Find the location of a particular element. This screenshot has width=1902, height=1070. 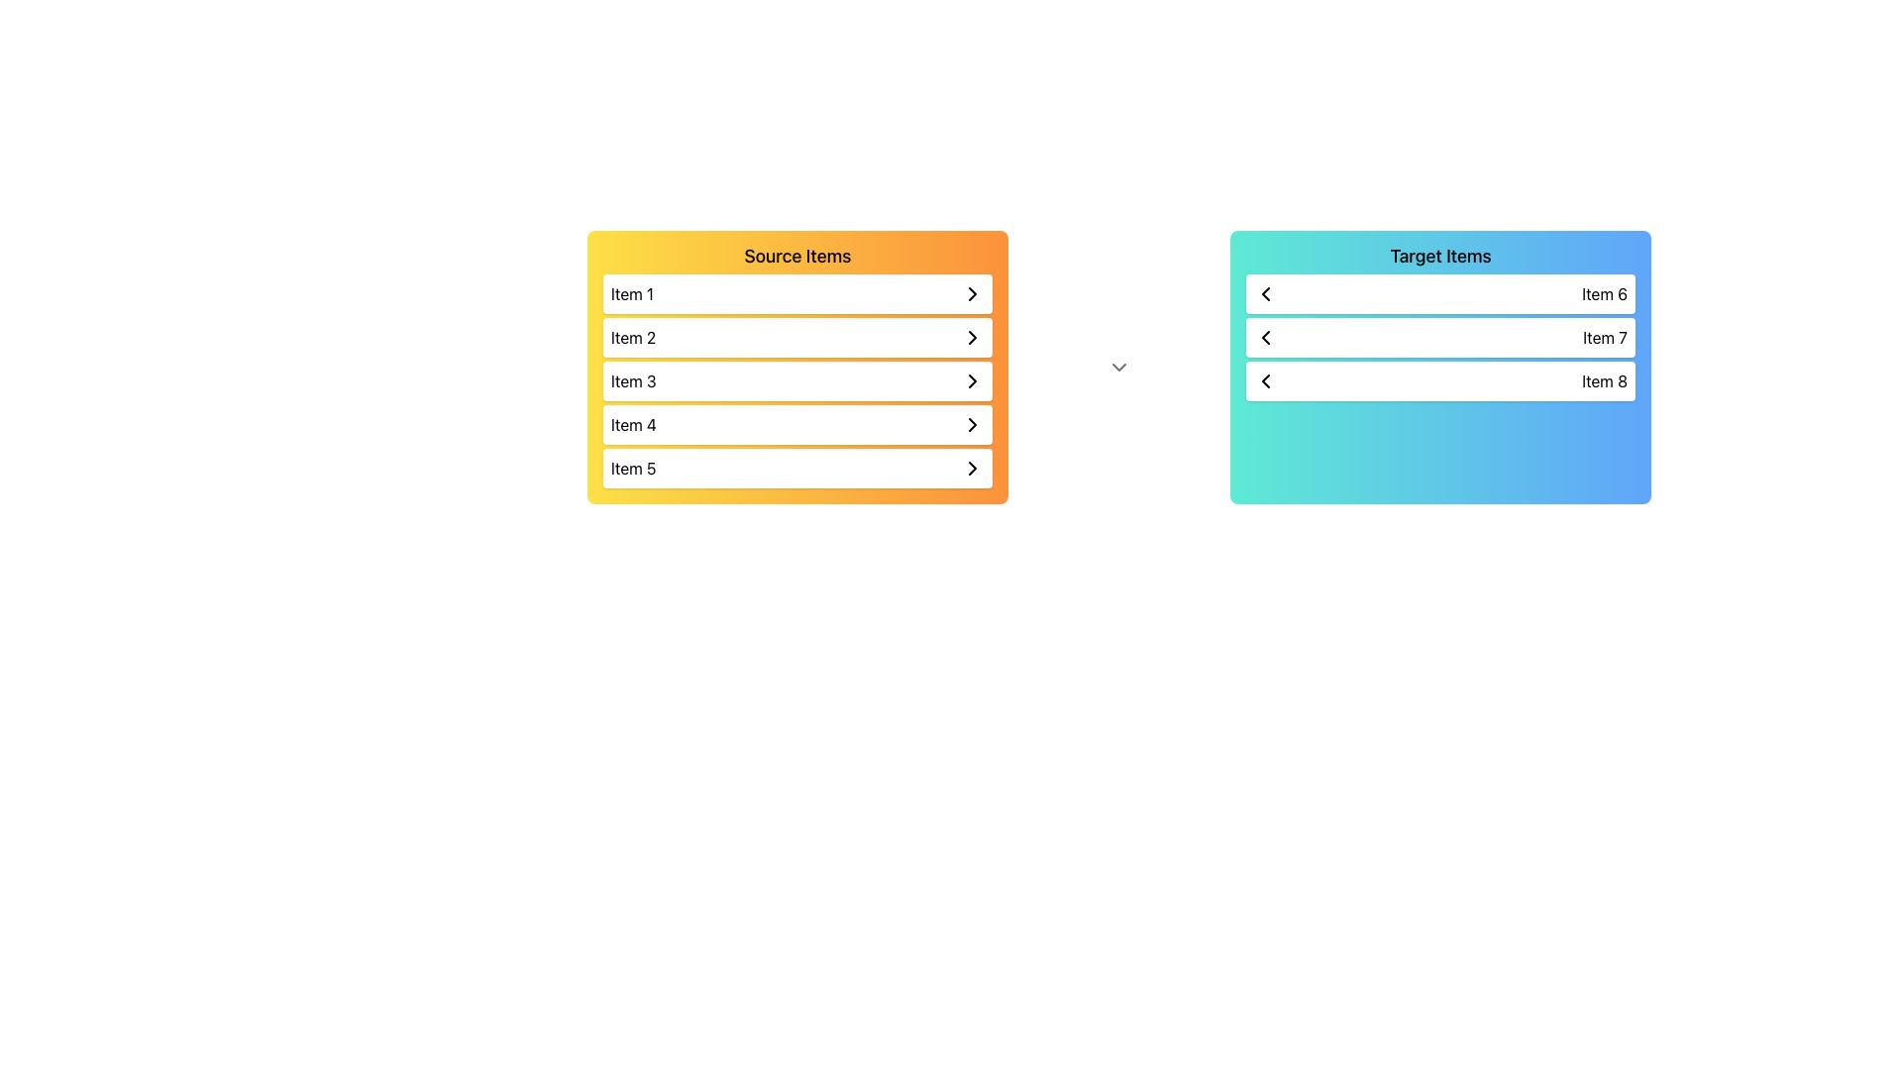

the leftward-pointing chevron icon located before the text label 'Item 8' in the third row of the 'Target Items' group is located at coordinates (1265, 381).